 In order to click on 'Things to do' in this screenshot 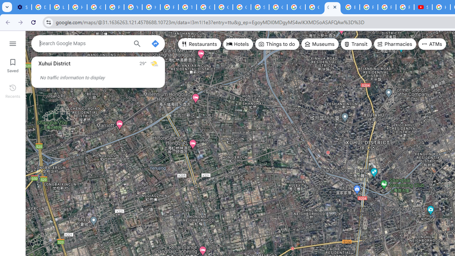, I will do `click(277, 44)`.